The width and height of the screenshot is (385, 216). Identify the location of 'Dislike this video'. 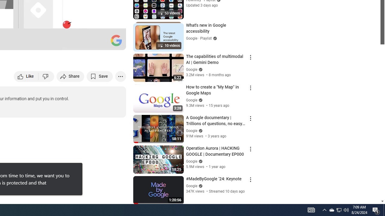
(46, 76).